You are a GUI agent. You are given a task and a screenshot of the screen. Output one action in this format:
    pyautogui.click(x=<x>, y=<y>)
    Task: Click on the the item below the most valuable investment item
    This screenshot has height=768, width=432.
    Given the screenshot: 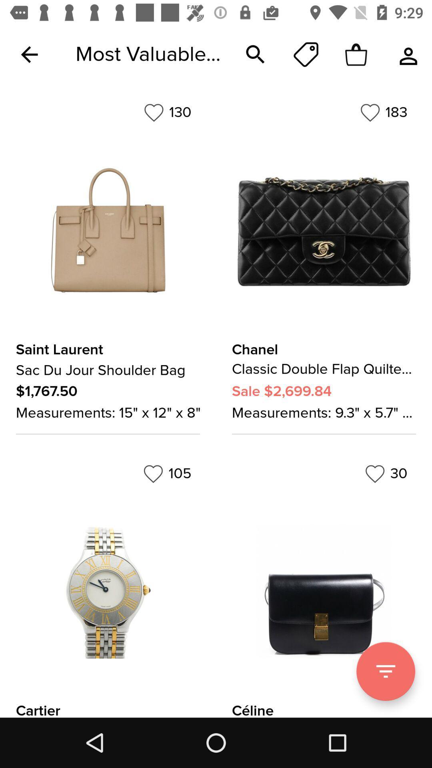 What is the action you would take?
    pyautogui.click(x=167, y=112)
    